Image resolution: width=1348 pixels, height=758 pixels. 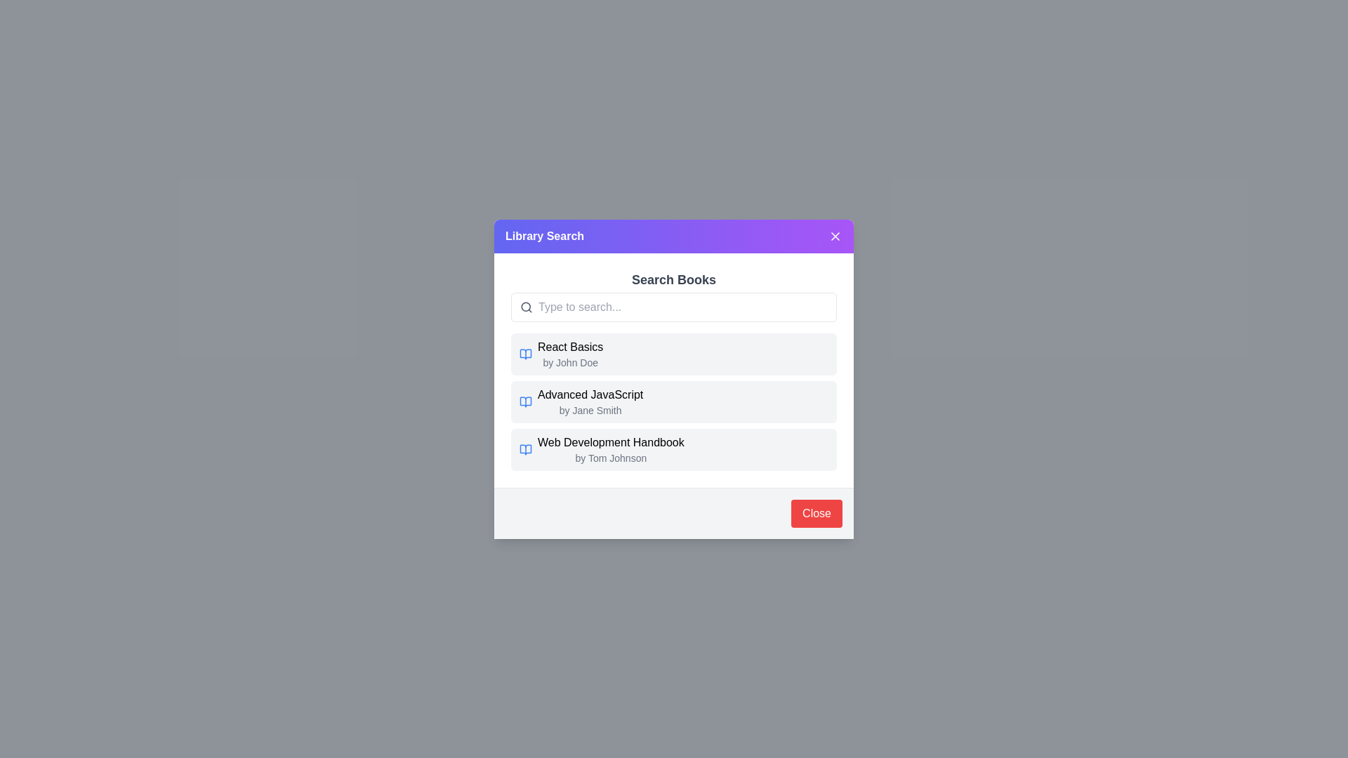 I want to click on the Close button icon in the top-right corner of the 'Library Search' header, so click(x=835, y=235).